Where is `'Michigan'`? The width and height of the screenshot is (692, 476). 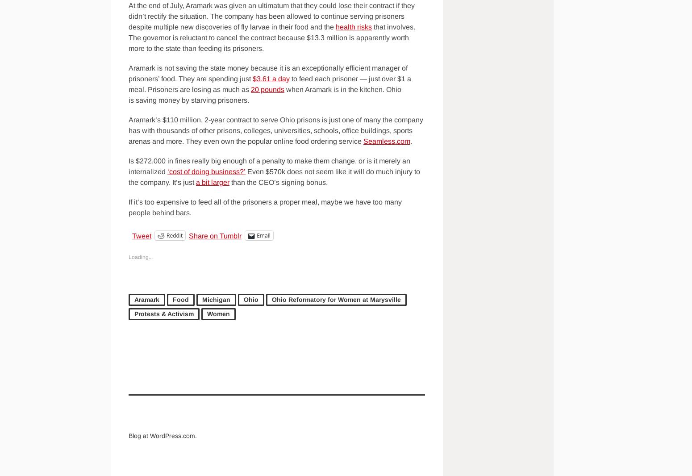 'Michigan' is located at coordinates (216, 299).